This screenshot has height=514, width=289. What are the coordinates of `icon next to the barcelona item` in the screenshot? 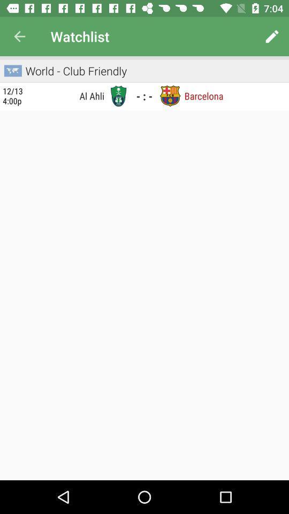 It's located at (170, 95).